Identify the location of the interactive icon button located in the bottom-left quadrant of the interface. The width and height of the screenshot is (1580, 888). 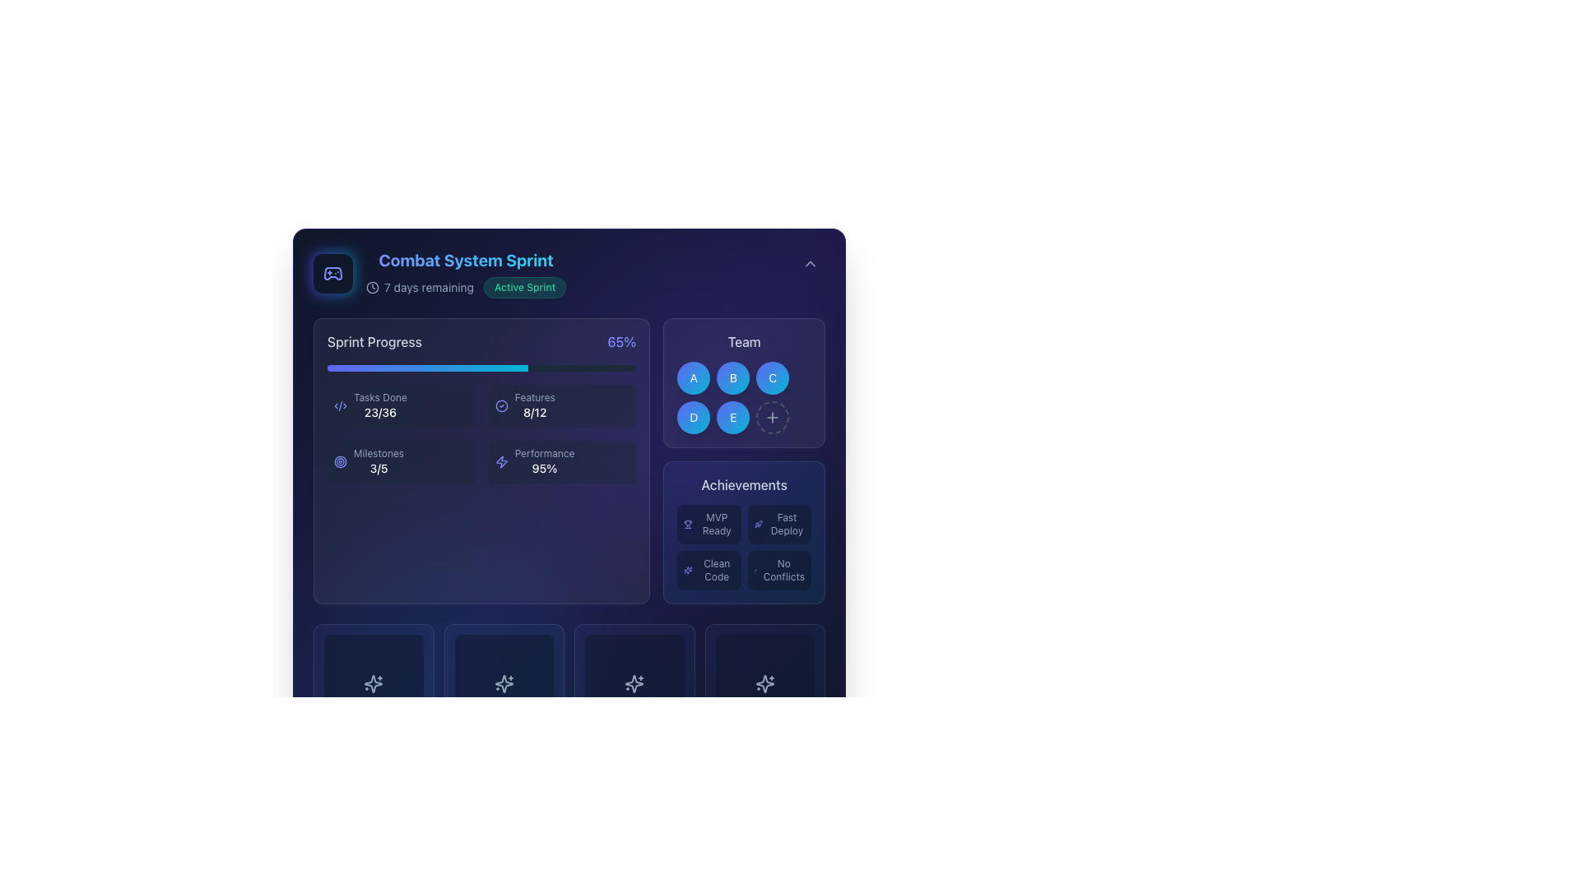
(373, 684).